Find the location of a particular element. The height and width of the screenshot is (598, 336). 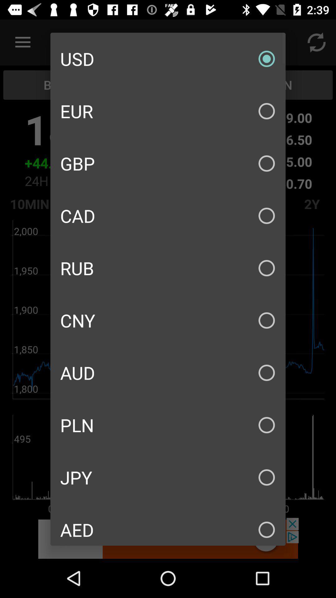

usd icon is located at coordinates (168, 59).